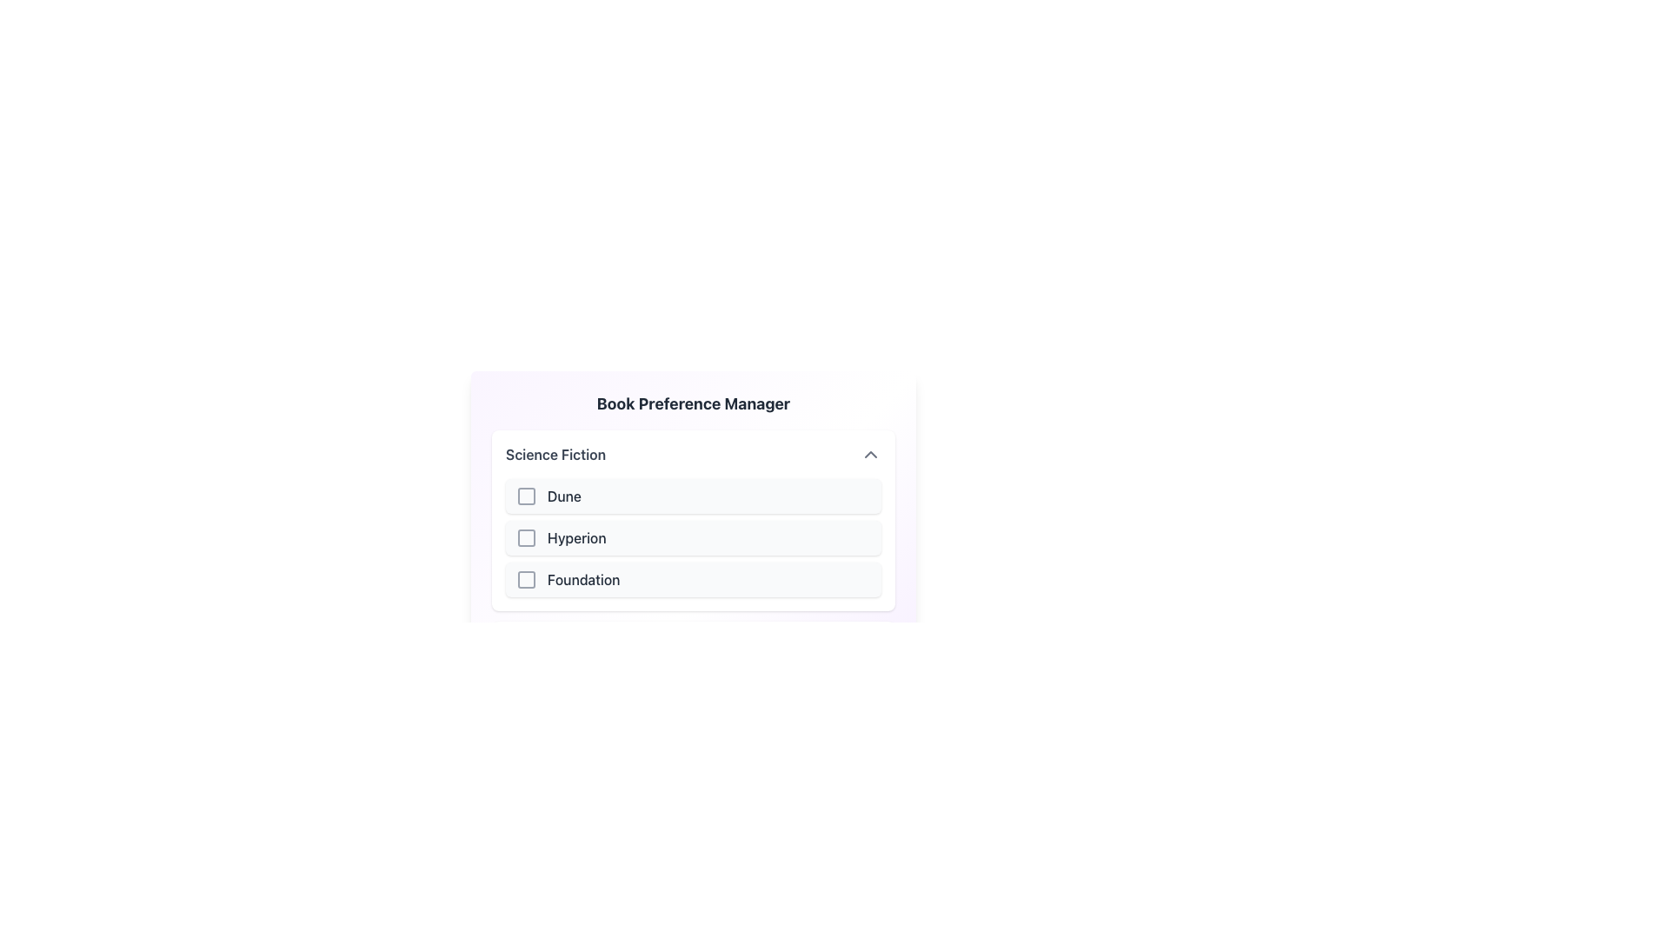  Describe the element at coordinates (525, 496) in the screenshot. I see `the checkbox selector located adjacent to the text label 'Dune' in the 'Science Fiction' list for keyboard interactions` at that location.